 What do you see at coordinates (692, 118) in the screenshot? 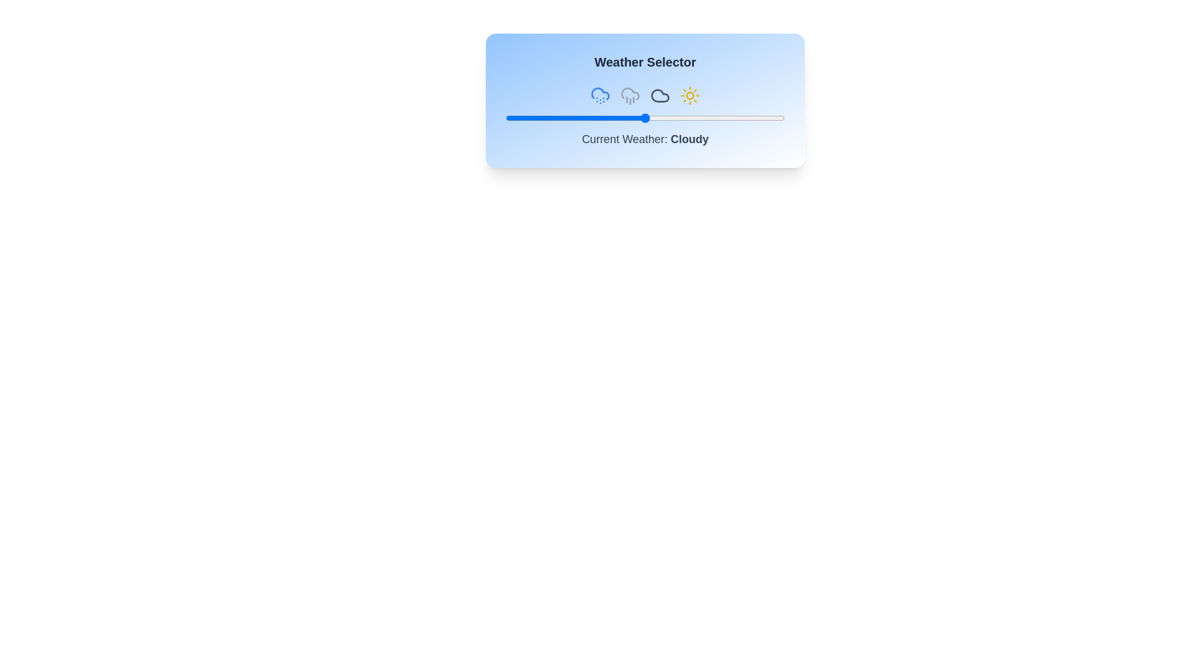
I see `the weather slider to 67%, where 67 is a value between 0 and 100` at bounding box center [692, 118].